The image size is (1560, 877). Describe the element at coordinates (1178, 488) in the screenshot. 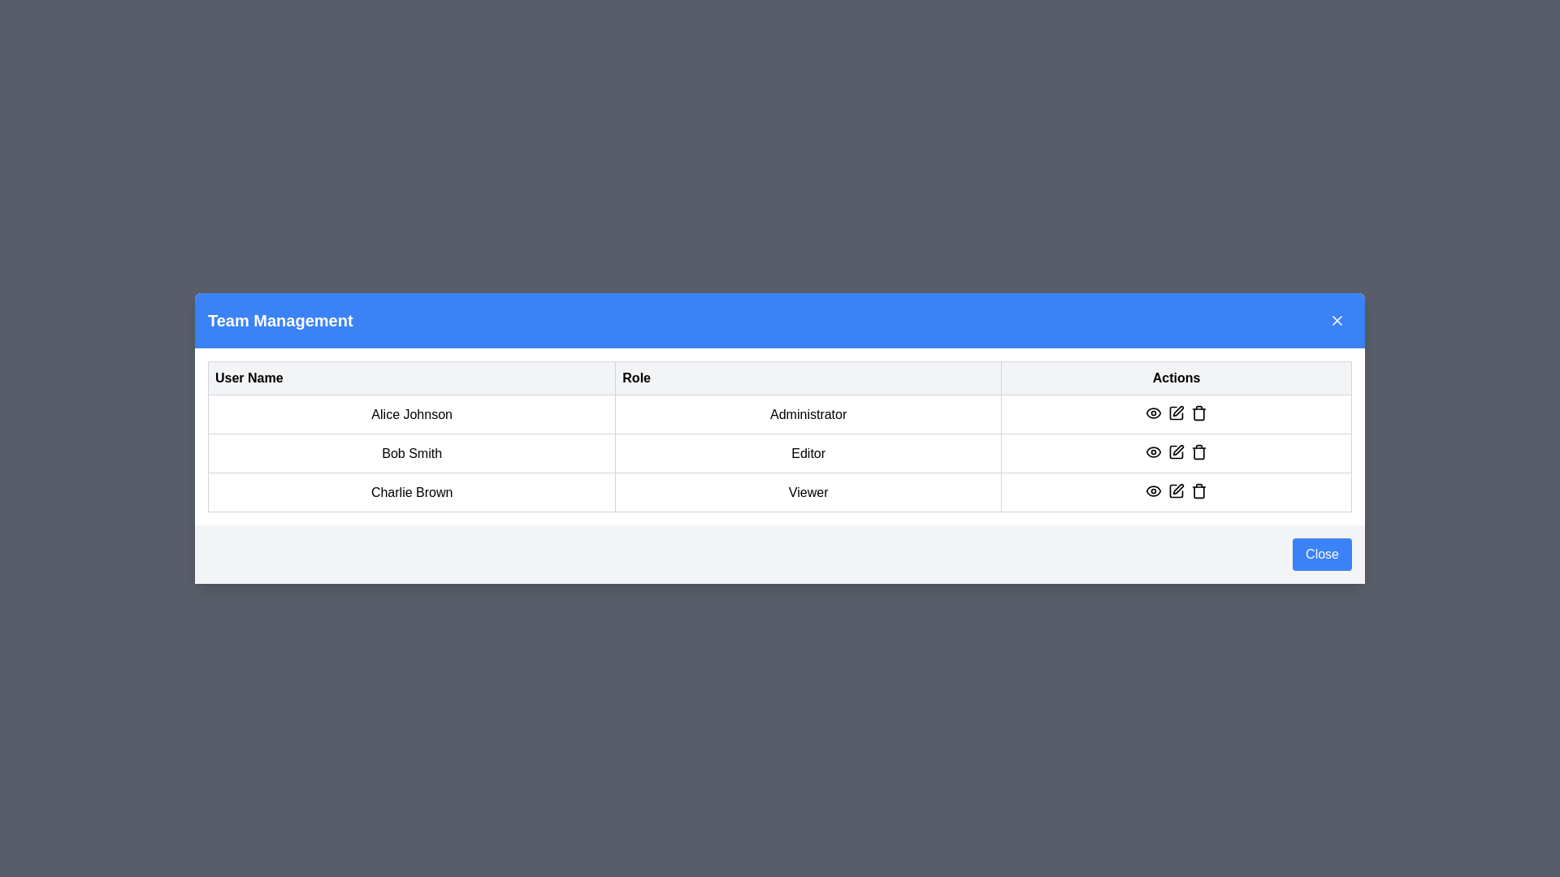

I see `the editing icon in the 'Actions' column of the last row for user 'Charlie Brown' to initiate editing for the related row` at that location.